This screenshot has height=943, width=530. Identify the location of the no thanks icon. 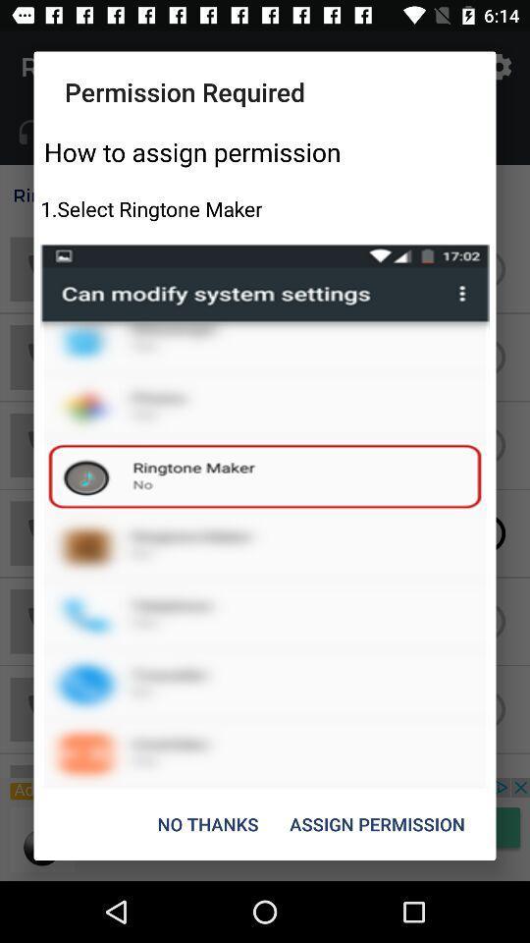
(207, 824).